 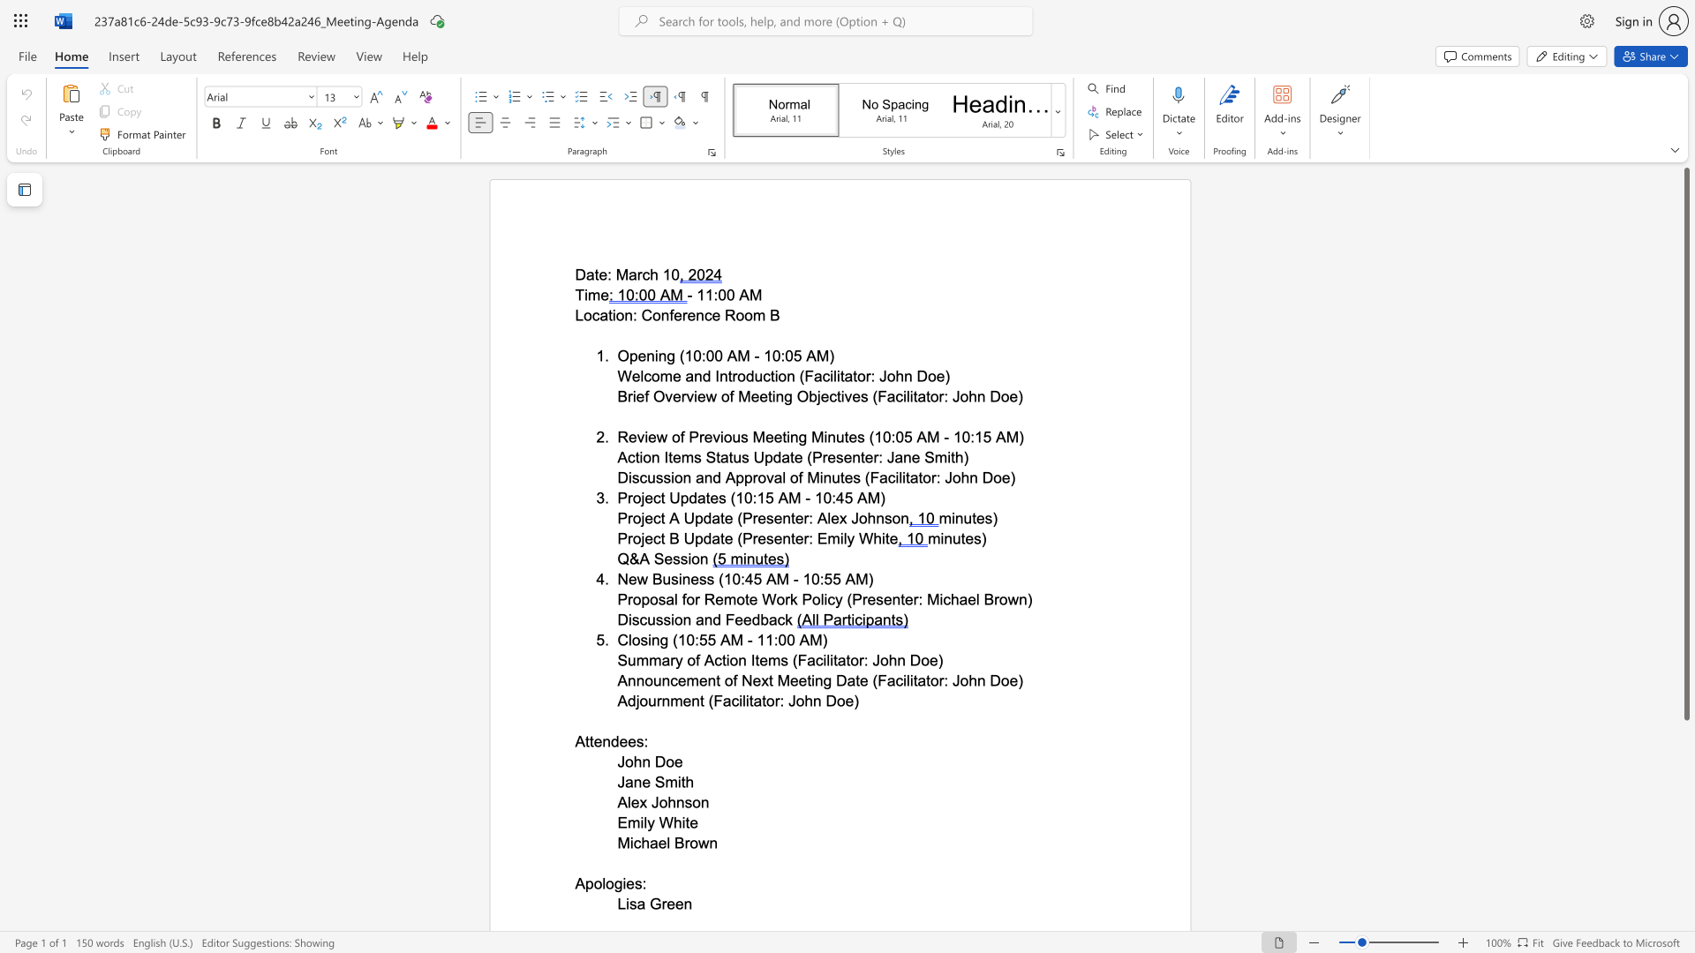 I want to click on the 1th character "n" in the text, so click(x=606, y=741).